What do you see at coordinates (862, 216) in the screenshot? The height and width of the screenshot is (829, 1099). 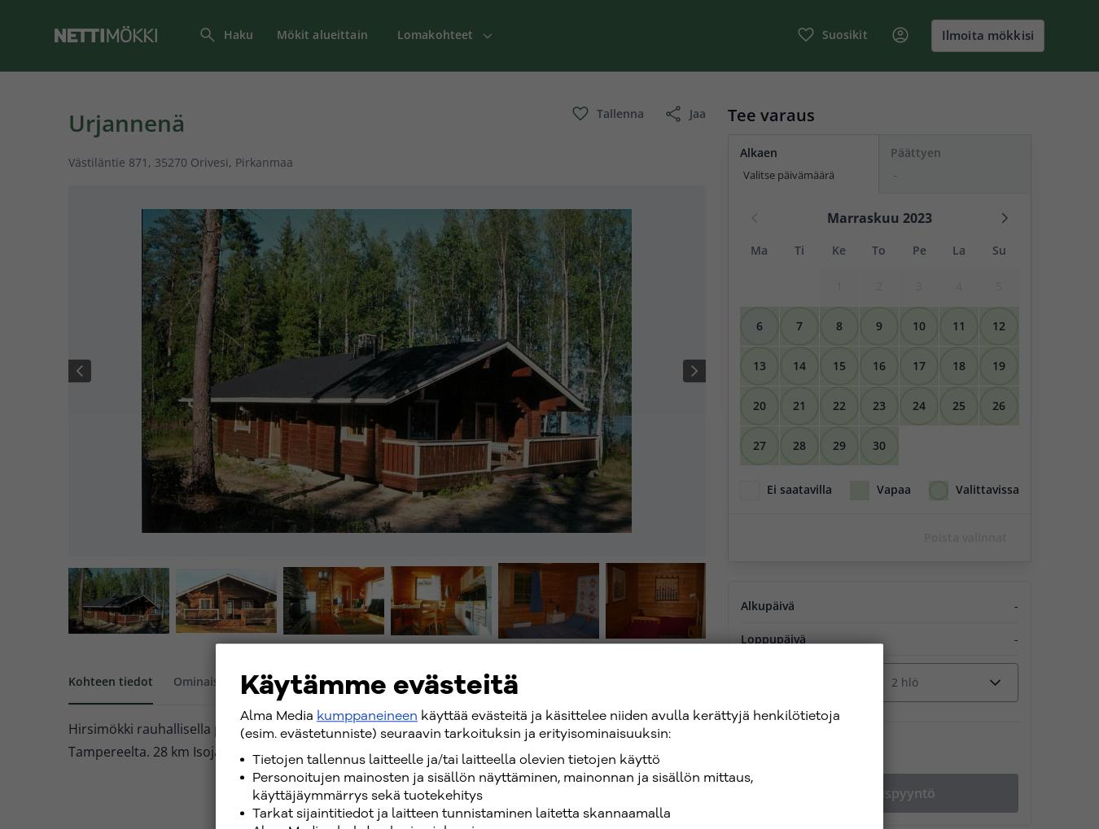 I see `'Marraskuu'` at bounding box center [862, 216].